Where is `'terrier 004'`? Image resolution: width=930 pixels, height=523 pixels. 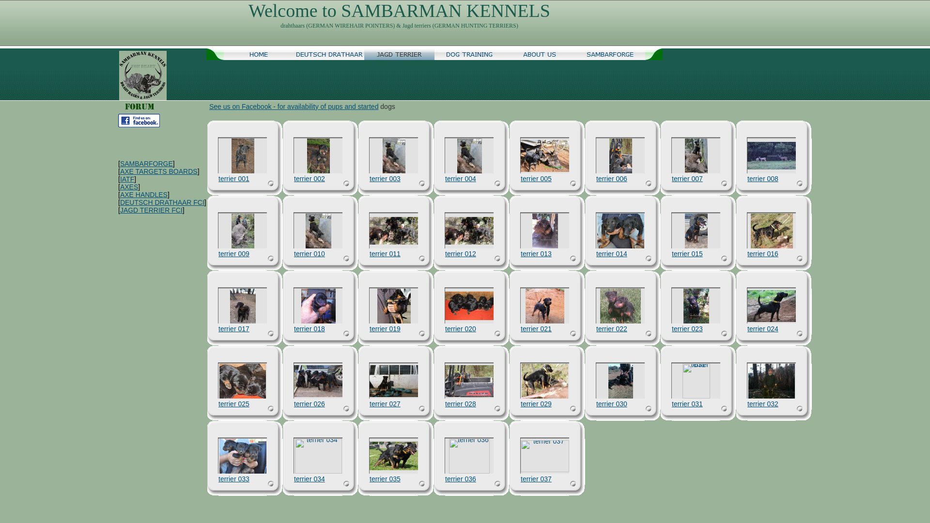
'terrier 004' is located at coordinates (460, 179).